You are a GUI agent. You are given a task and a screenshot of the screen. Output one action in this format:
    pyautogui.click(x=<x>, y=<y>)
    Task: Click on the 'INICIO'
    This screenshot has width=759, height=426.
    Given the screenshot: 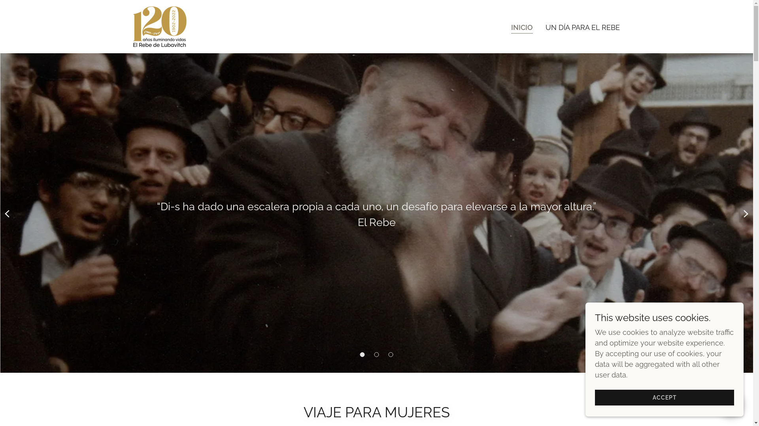 What is the action you would take?
    pyautogui.click(x=511, y=28)
    